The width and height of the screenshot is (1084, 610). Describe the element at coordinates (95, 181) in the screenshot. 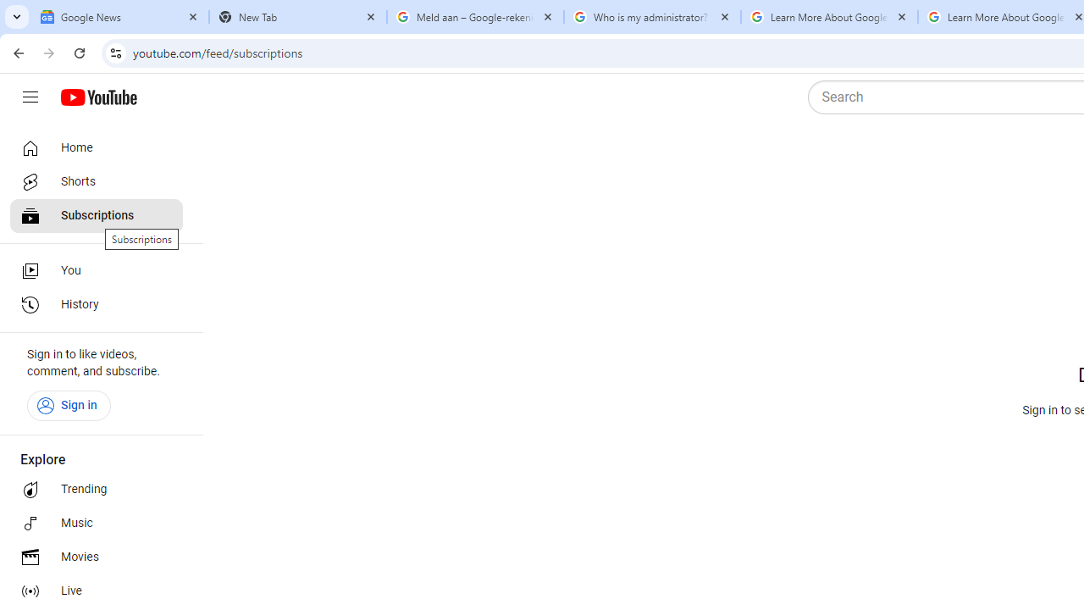

I see `'Shorts'` at that location.